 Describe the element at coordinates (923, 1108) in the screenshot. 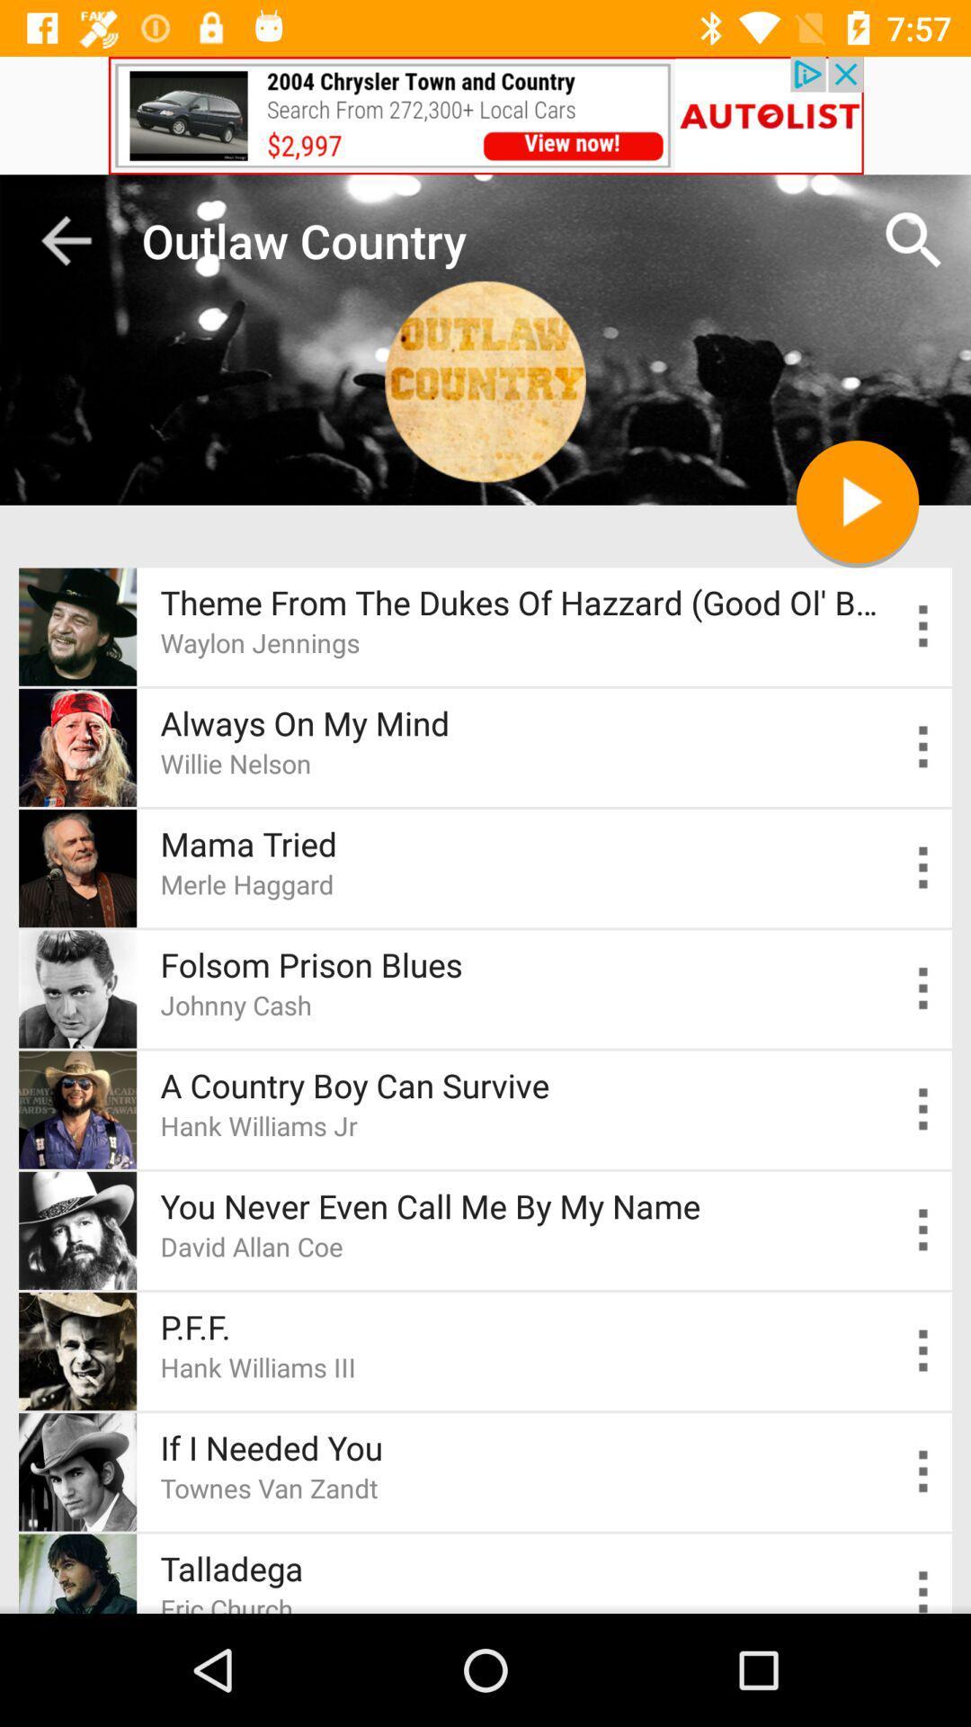

I see `options setting` at that location.